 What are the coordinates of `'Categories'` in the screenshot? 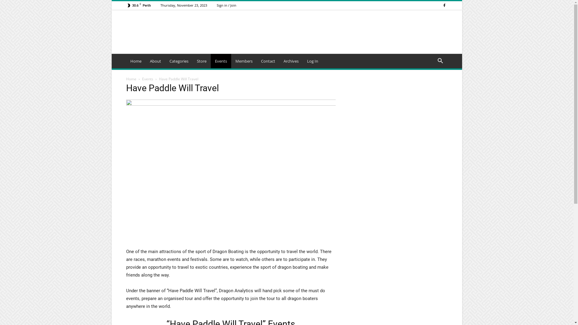 It's located at (178, 61).